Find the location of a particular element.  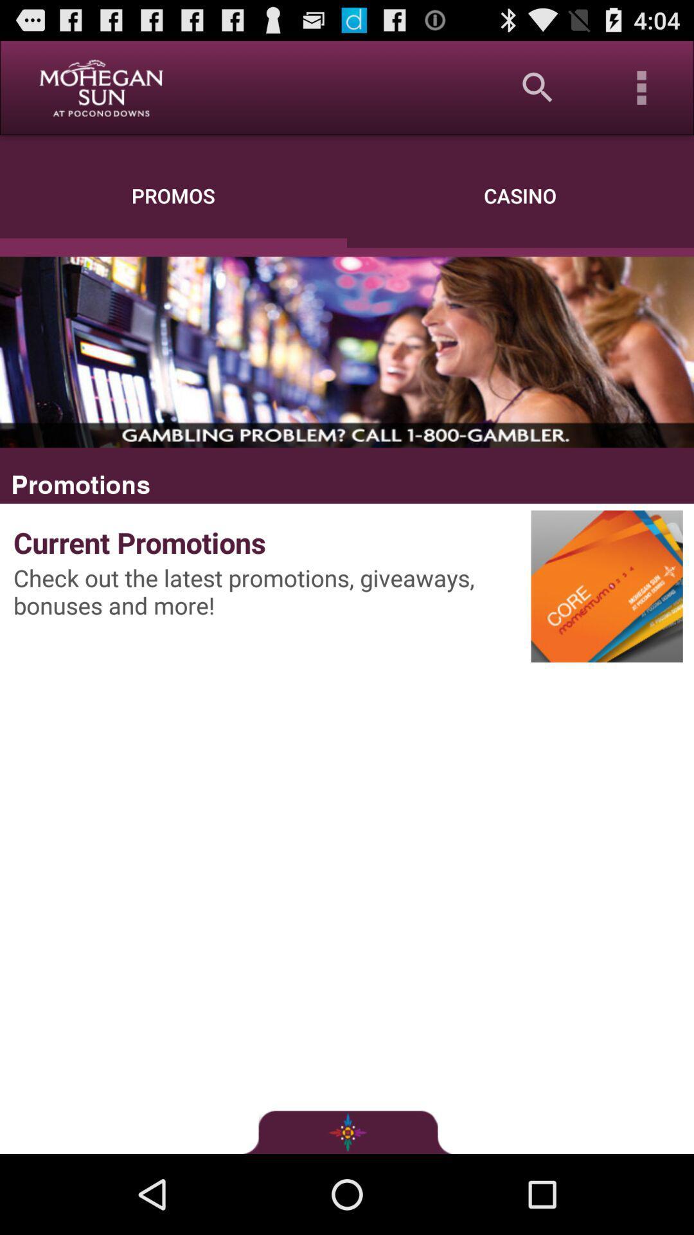

menu options is located at coordinates (642, 87).